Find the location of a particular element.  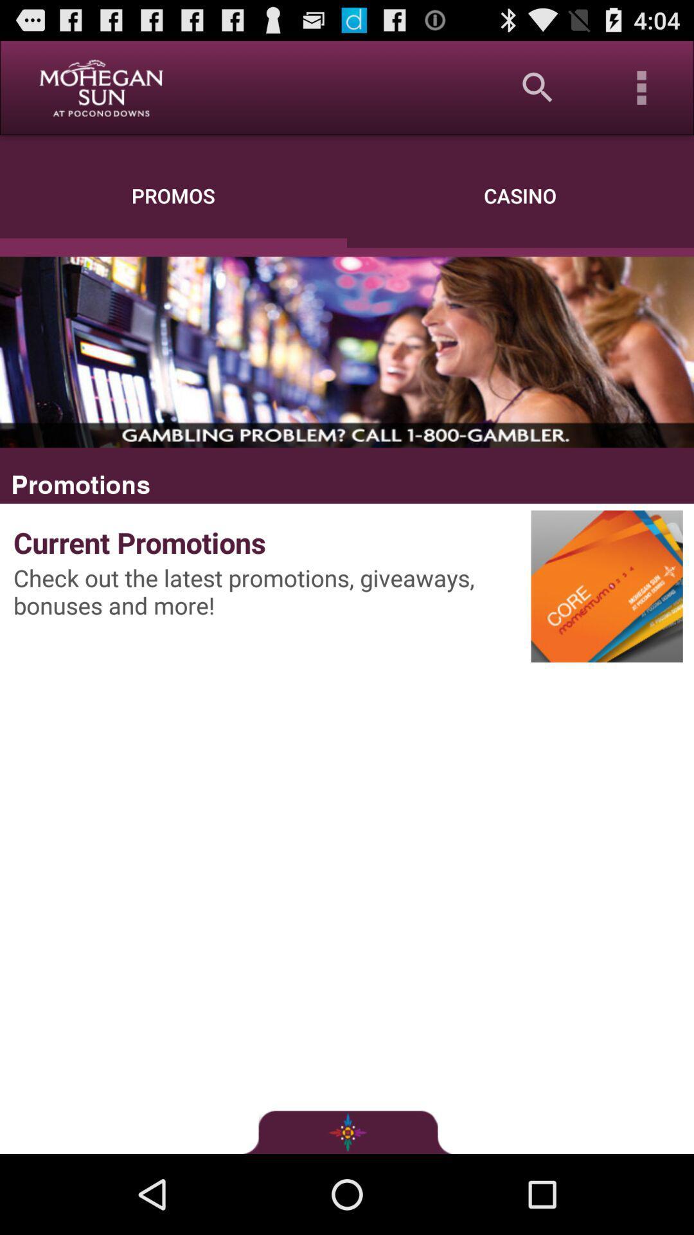

menu options is located at coordinates (642, 87).